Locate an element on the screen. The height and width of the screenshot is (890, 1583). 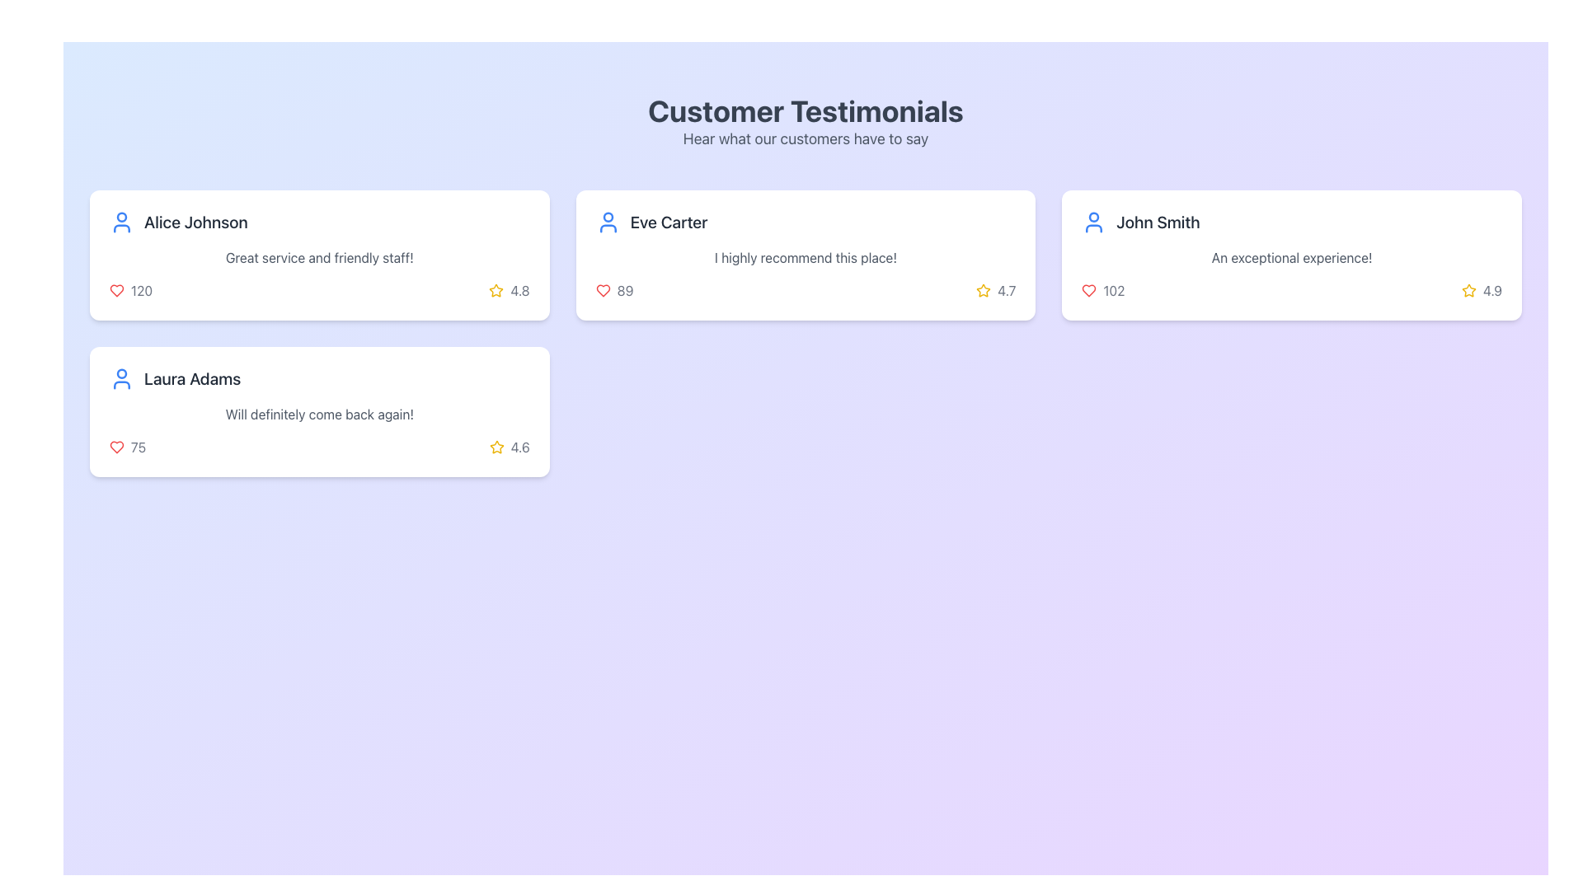
text displayed as the name of the individual providing the testimonial, located as the second visible element in the header of the rightmost testimonial card is located at coordinates (1158, 222).